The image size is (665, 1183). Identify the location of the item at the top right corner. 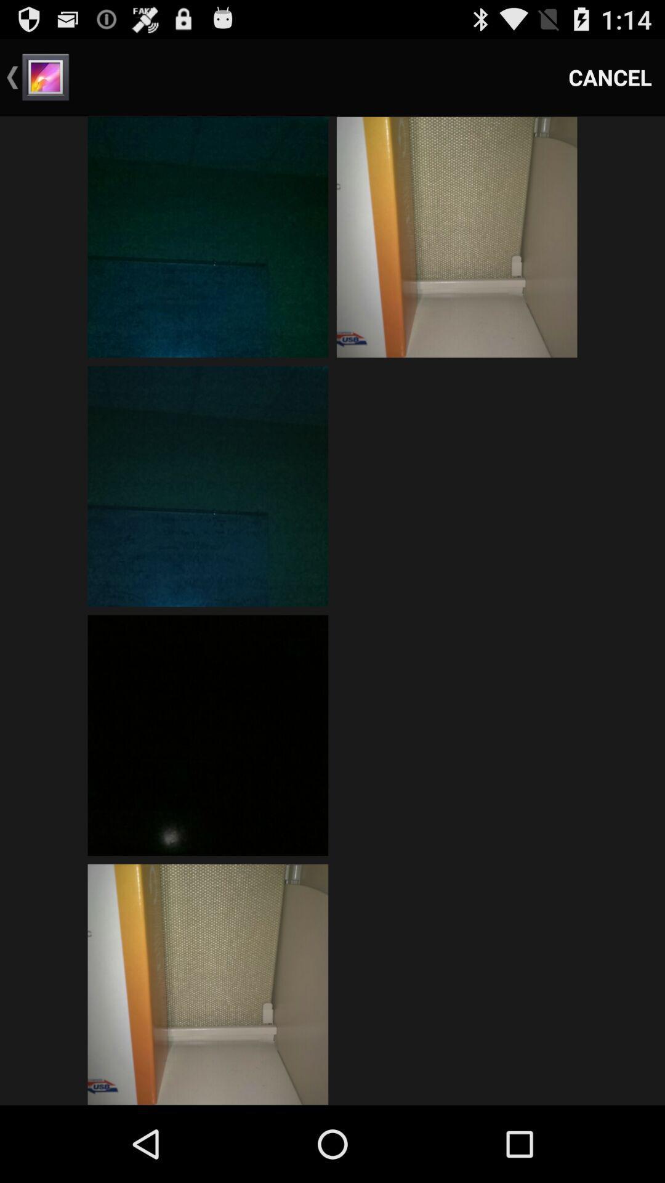
(610, 76).